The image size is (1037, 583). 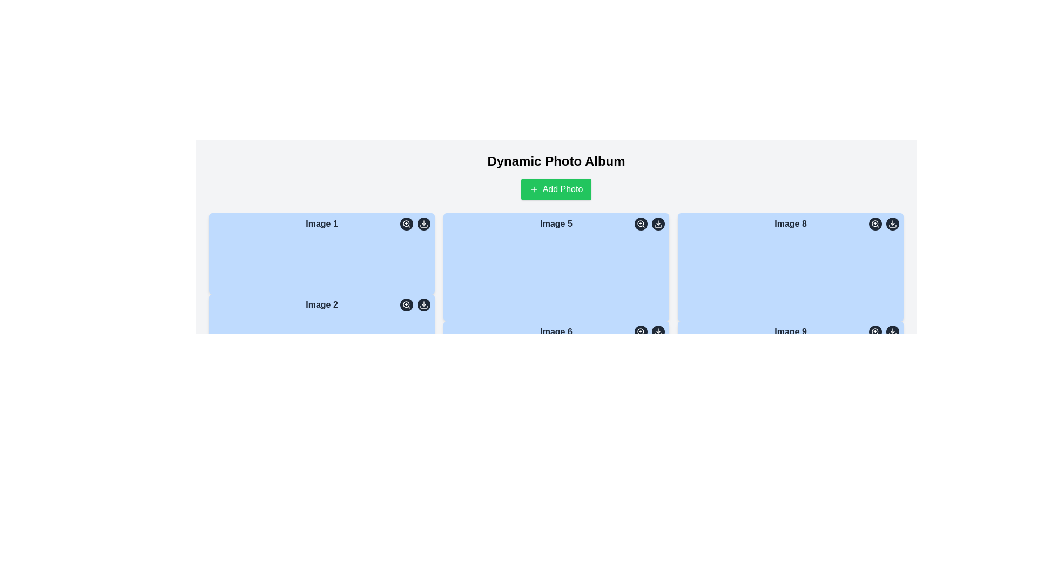 What do you see at coordinates (423, 304) in the screenshot?
I see `the download icon button located at the bottom-right corner of the 'Image 2' card` at bounding box center [423, 304].